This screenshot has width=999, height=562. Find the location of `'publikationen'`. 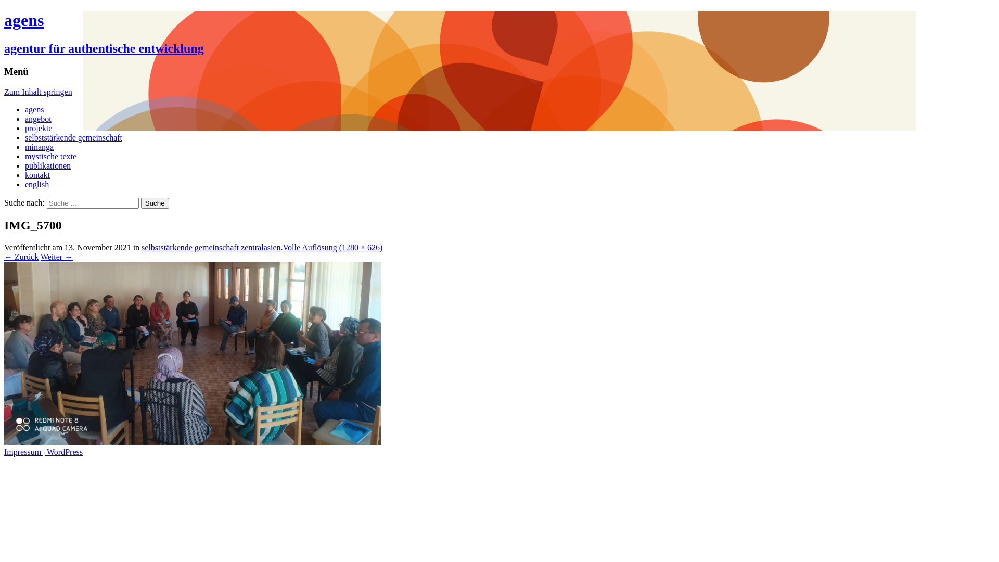

'publikationen' is located at coordinates (25, 165).